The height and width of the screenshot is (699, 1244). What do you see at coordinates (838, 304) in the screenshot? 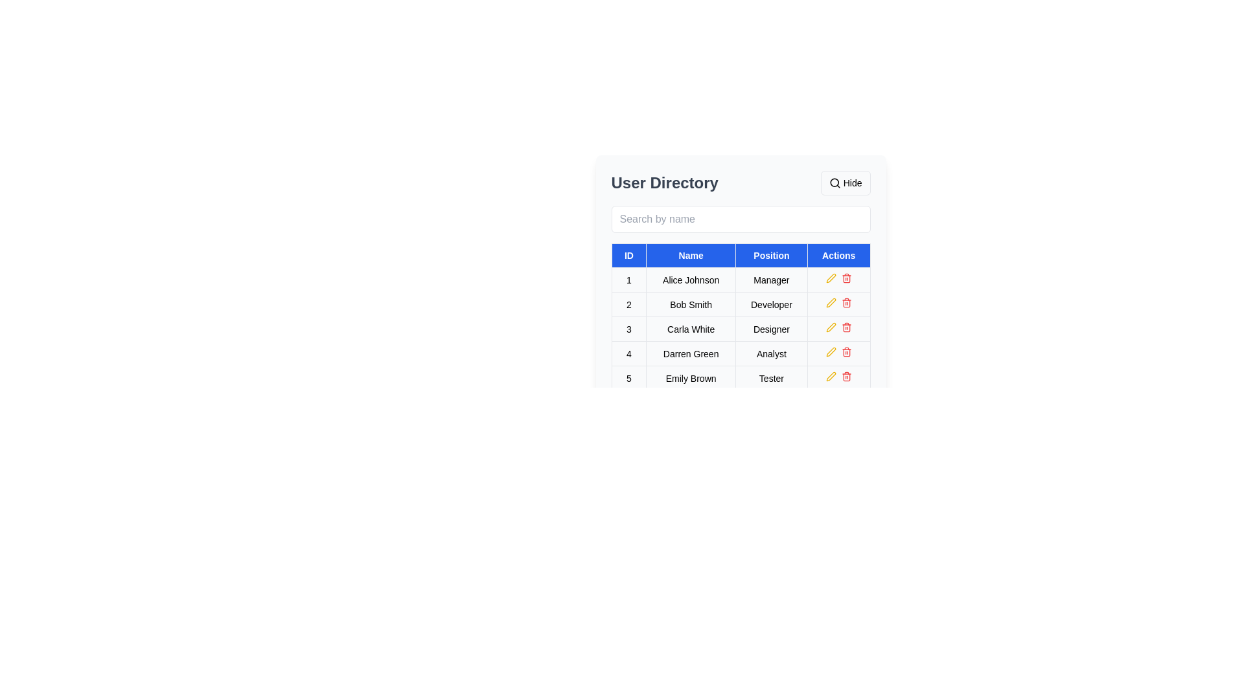
I see `the rectangular button with no visible text located in the 'Actions' column of the table row labeled 'Bob Smith Developer'` at bounding box center [838, 304].